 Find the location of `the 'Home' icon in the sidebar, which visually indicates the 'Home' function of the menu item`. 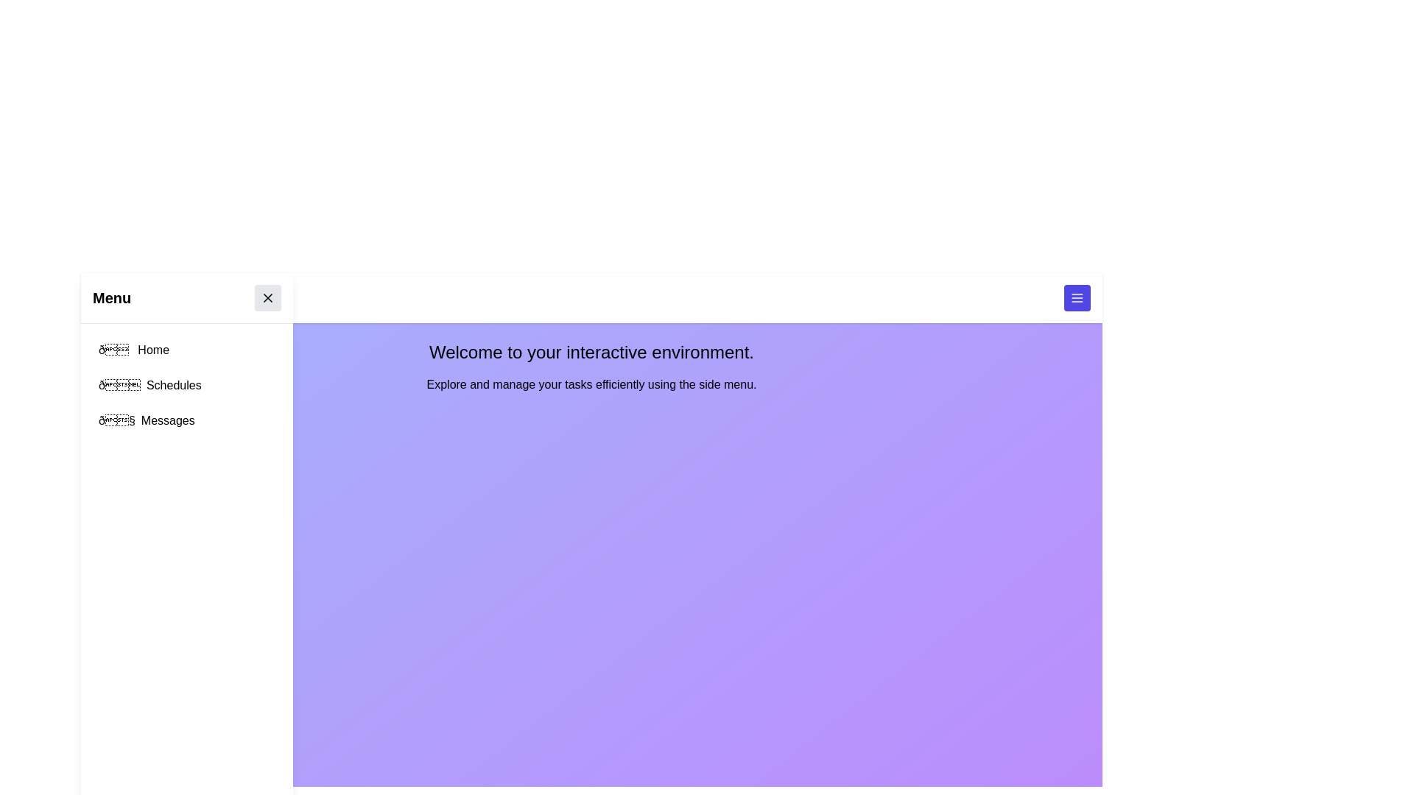

the 'Home' icon in the sidebar, which visually indicates the 'Home' function of the menu item is located at coordinates (114, 350).